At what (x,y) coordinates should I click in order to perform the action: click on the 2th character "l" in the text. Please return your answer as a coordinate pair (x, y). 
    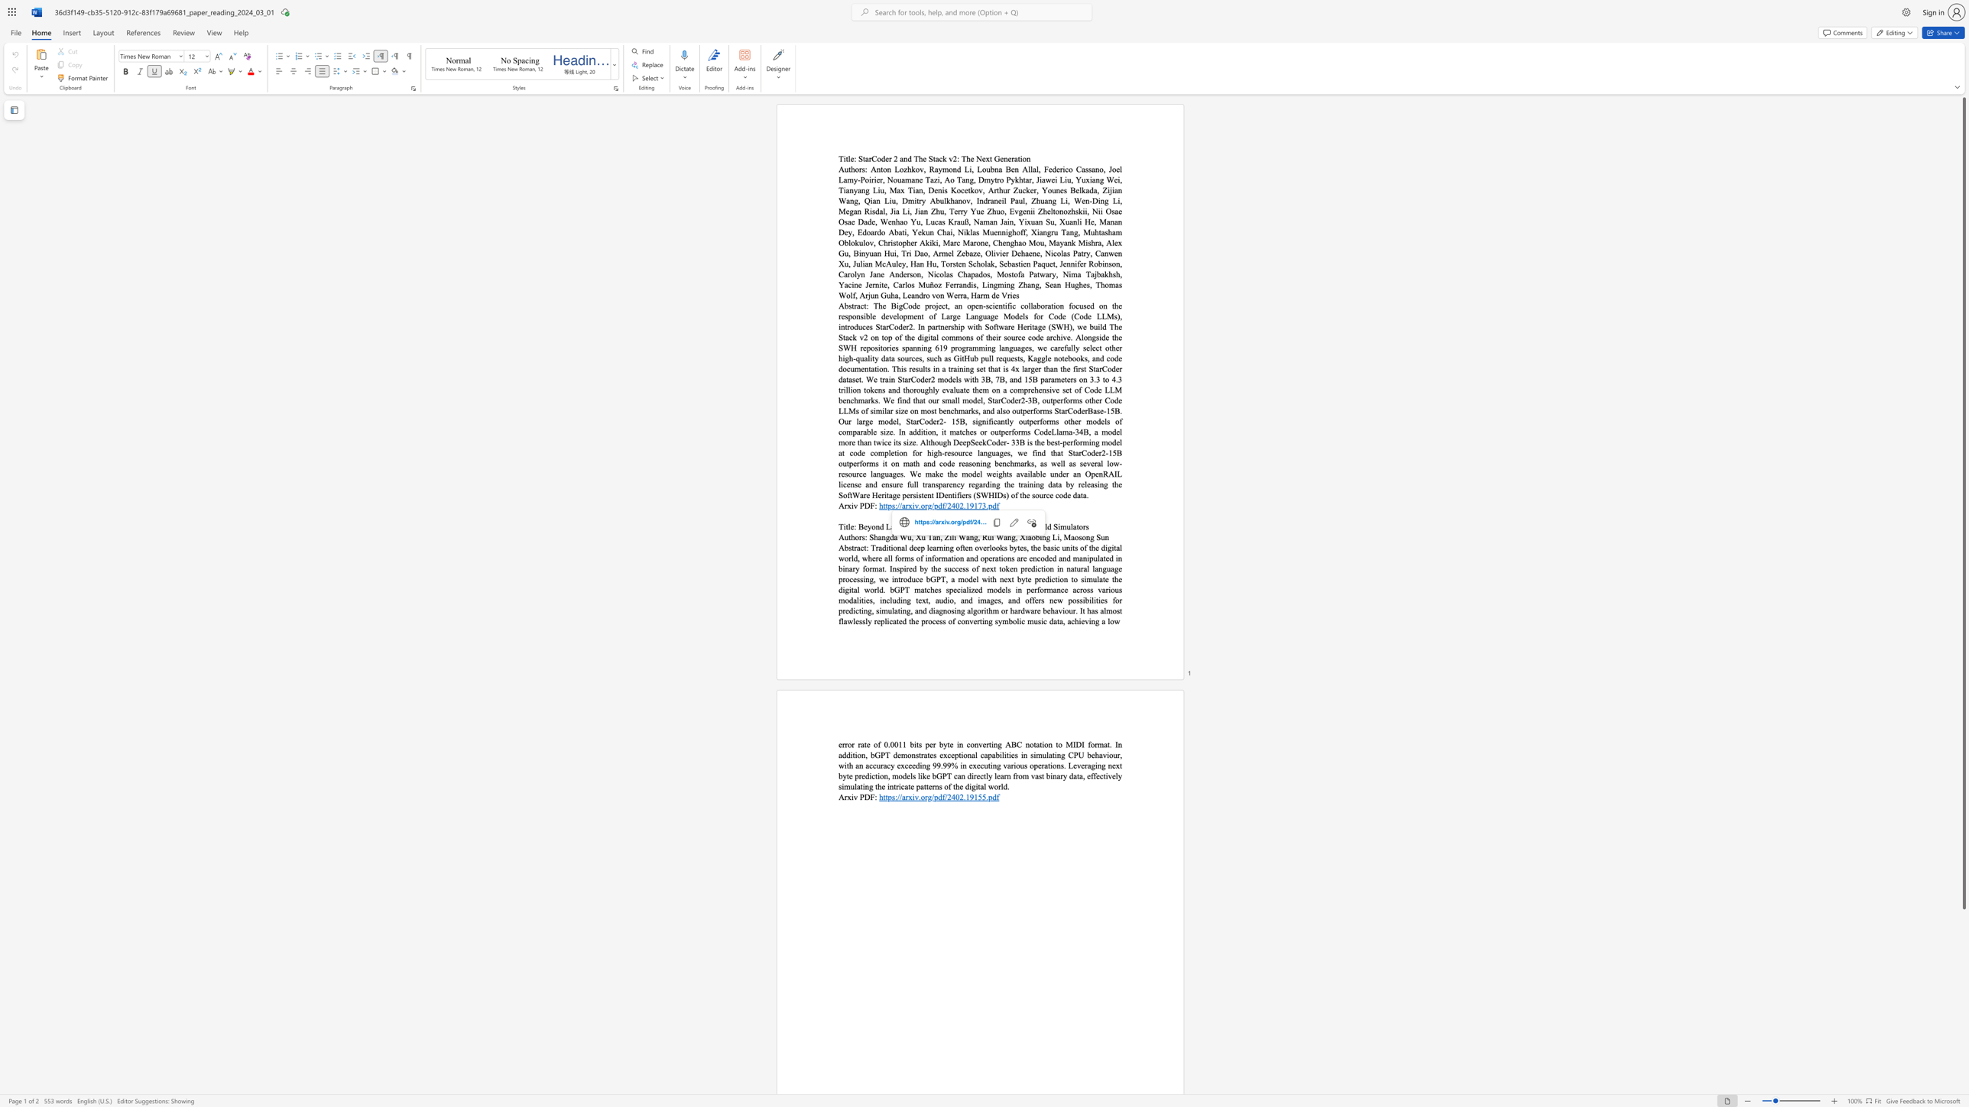
    Looking at the image, I should click on (1017, 621).